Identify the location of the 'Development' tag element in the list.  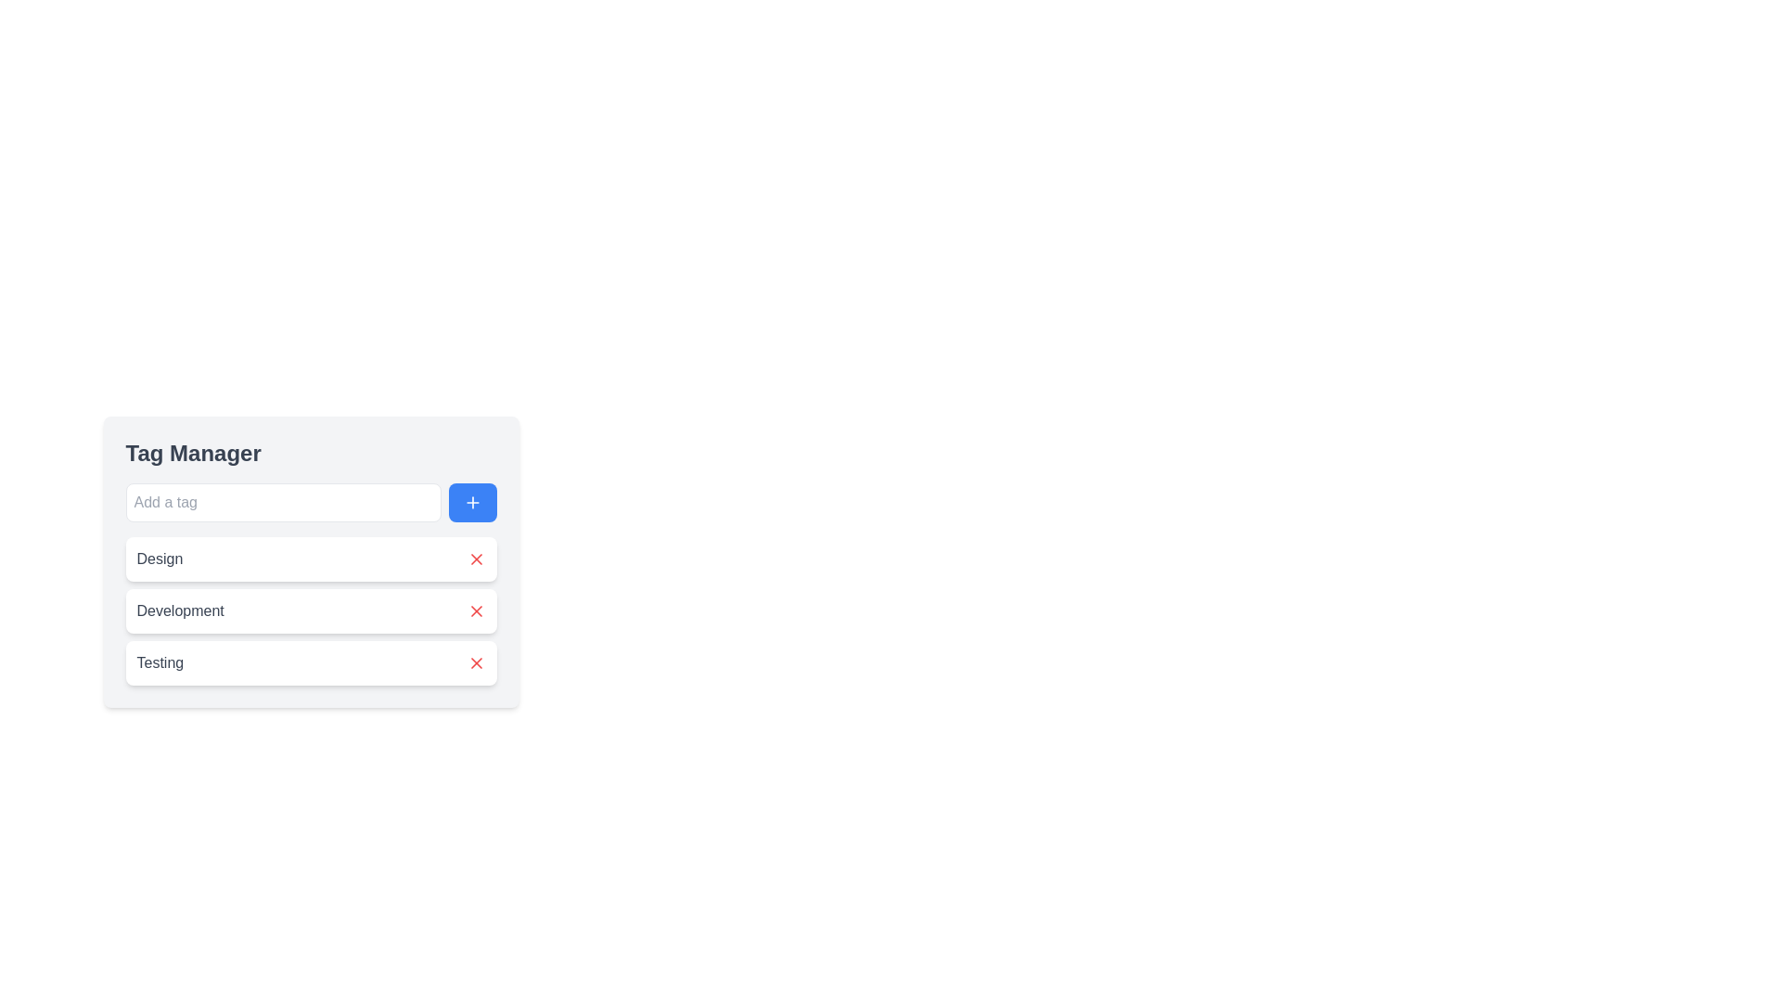
(311, 611).